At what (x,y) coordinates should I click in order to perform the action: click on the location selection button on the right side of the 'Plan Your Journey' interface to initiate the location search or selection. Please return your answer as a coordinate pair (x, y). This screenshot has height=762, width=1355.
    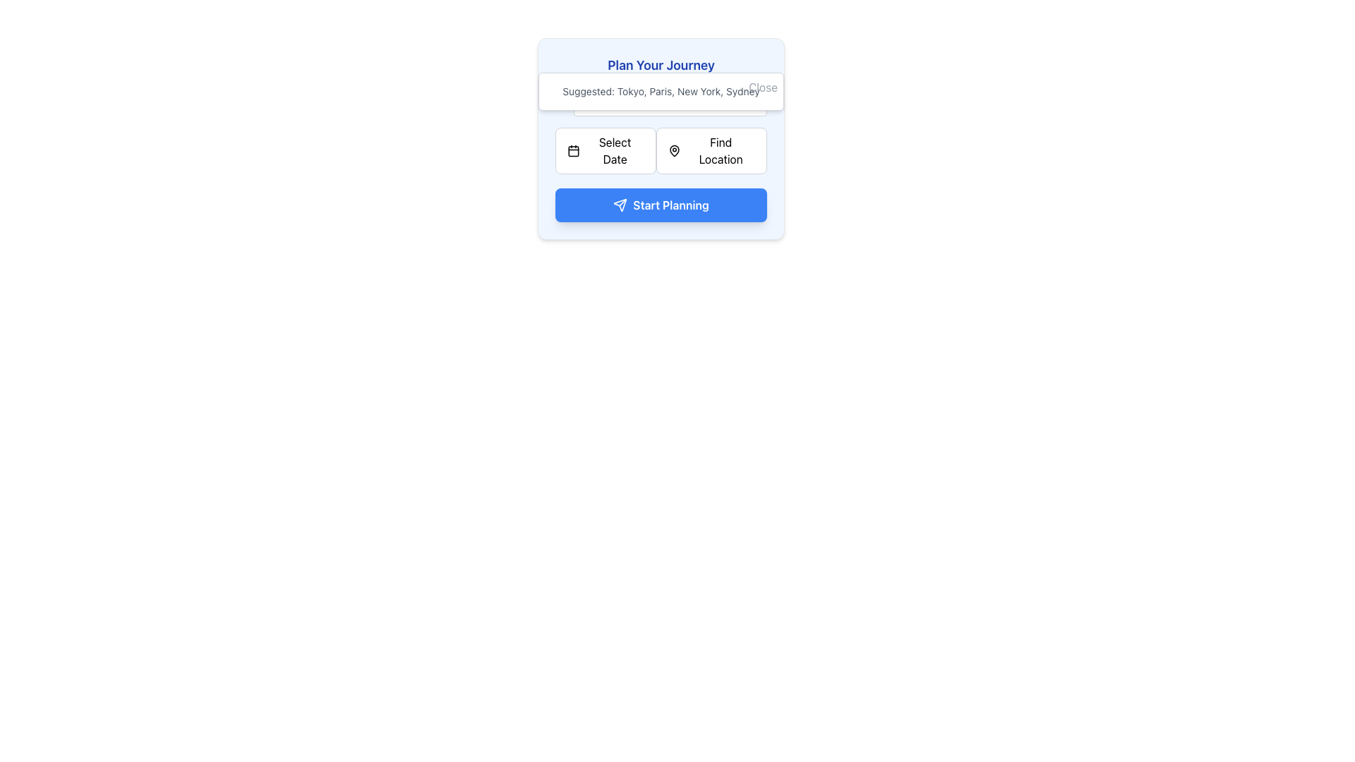
    Looking at the image, I should click on (711, 150).